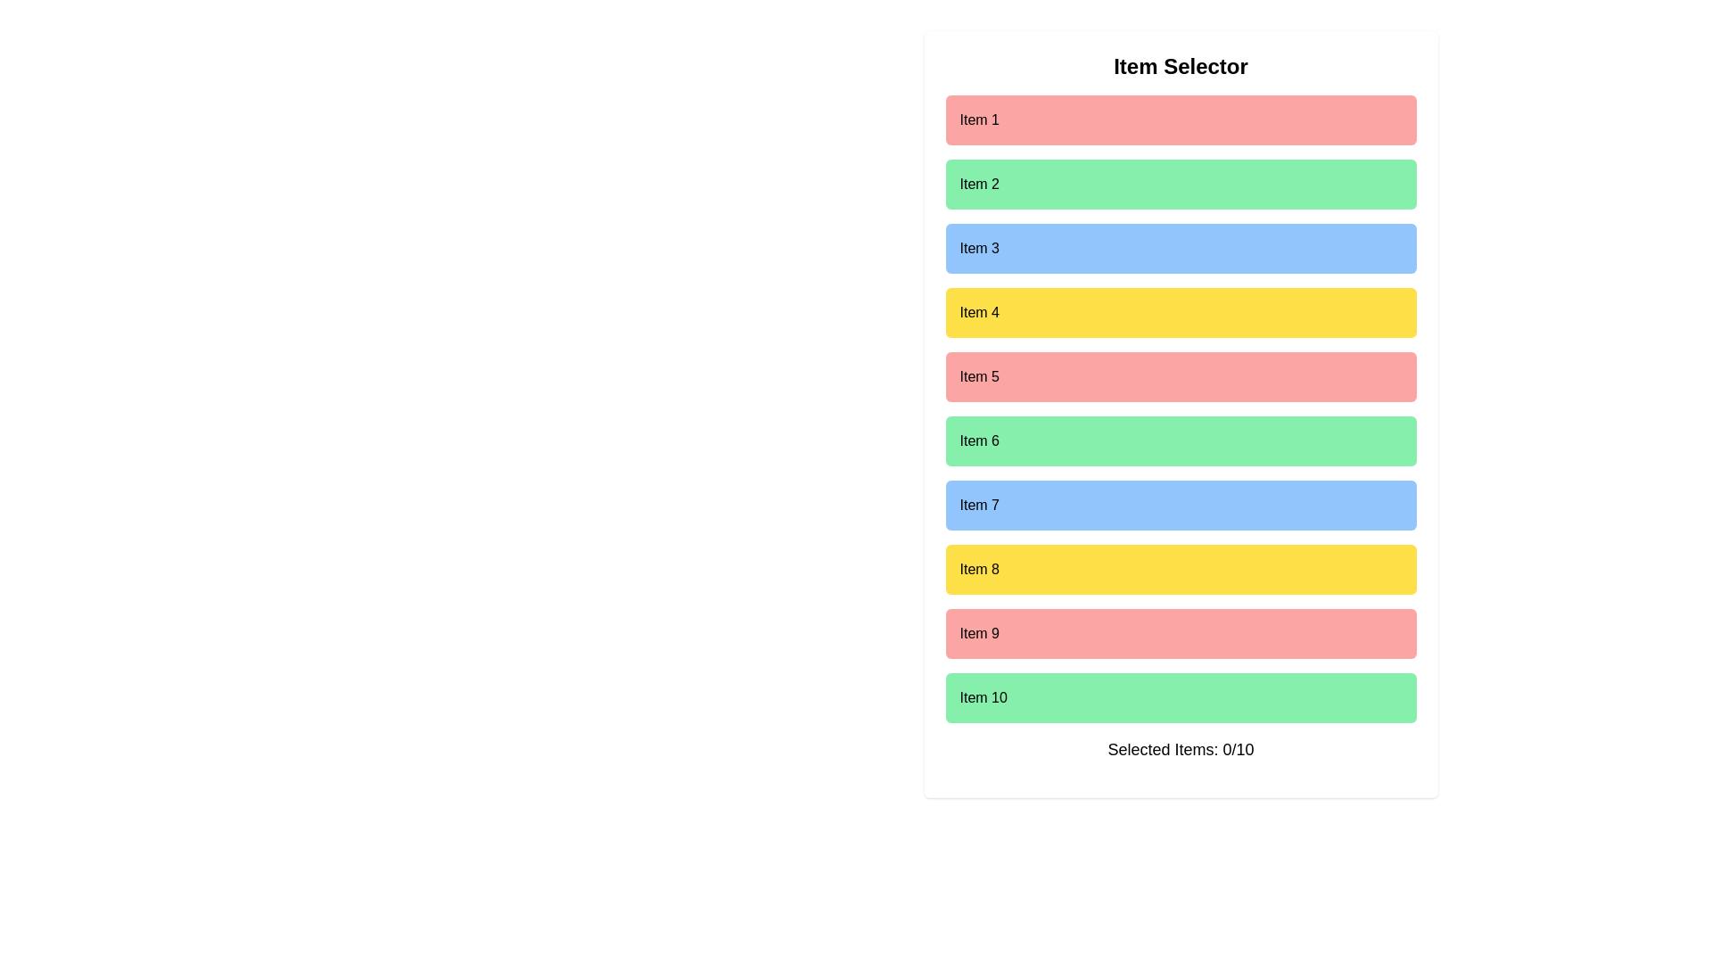 The height and width of the screenshot is (963, 1712). I want to click on the Text Label displaying 'Selected Items: 0/10' located at the bottom of the card titled 'Item Selector', so click(1181, 749).